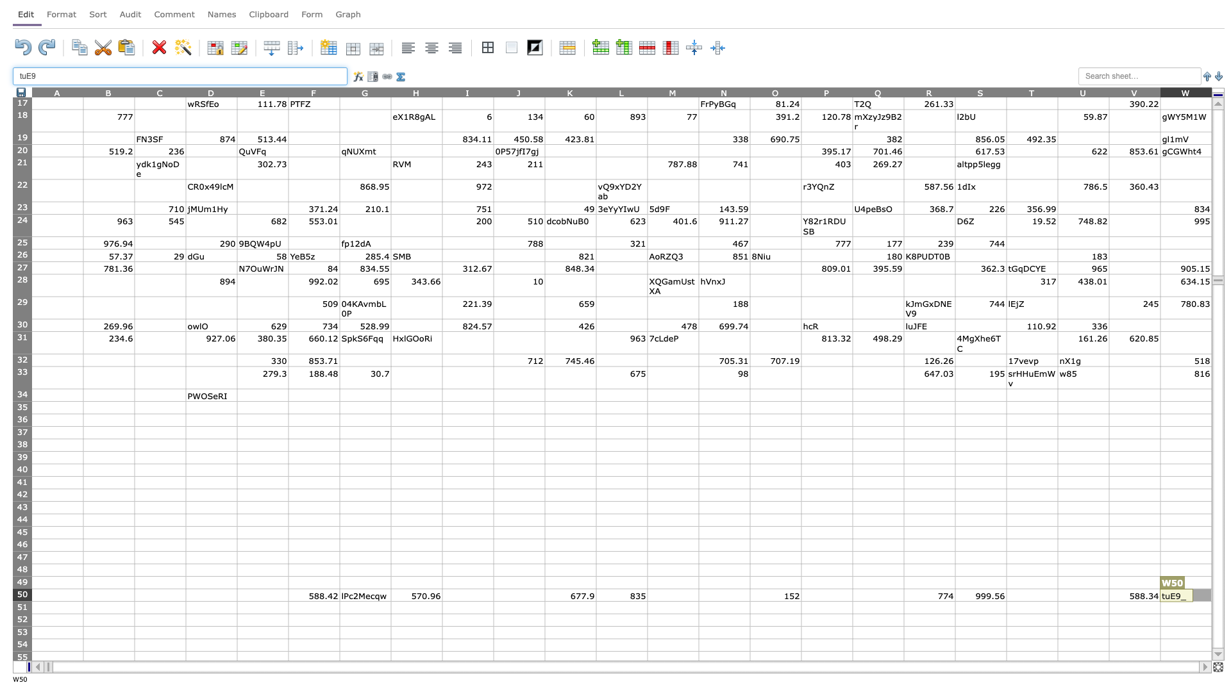 The width and height of the screenshot is (1231, 692). What do you see at coordinates (288, 601) in the screenshot?
I see `Upper left of F51` at bounding box center [288, 601].